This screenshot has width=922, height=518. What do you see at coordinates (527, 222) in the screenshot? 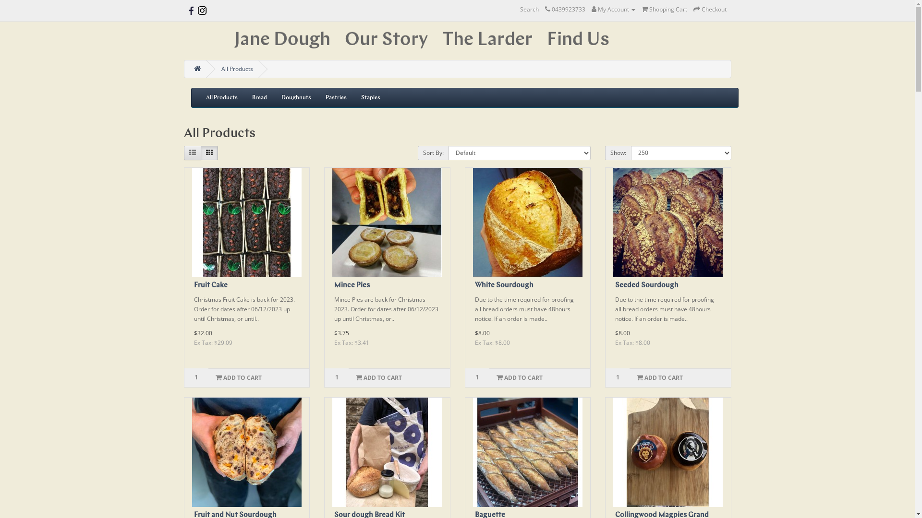
I see `'White Sourdough'` at bounding box center [527, 222].